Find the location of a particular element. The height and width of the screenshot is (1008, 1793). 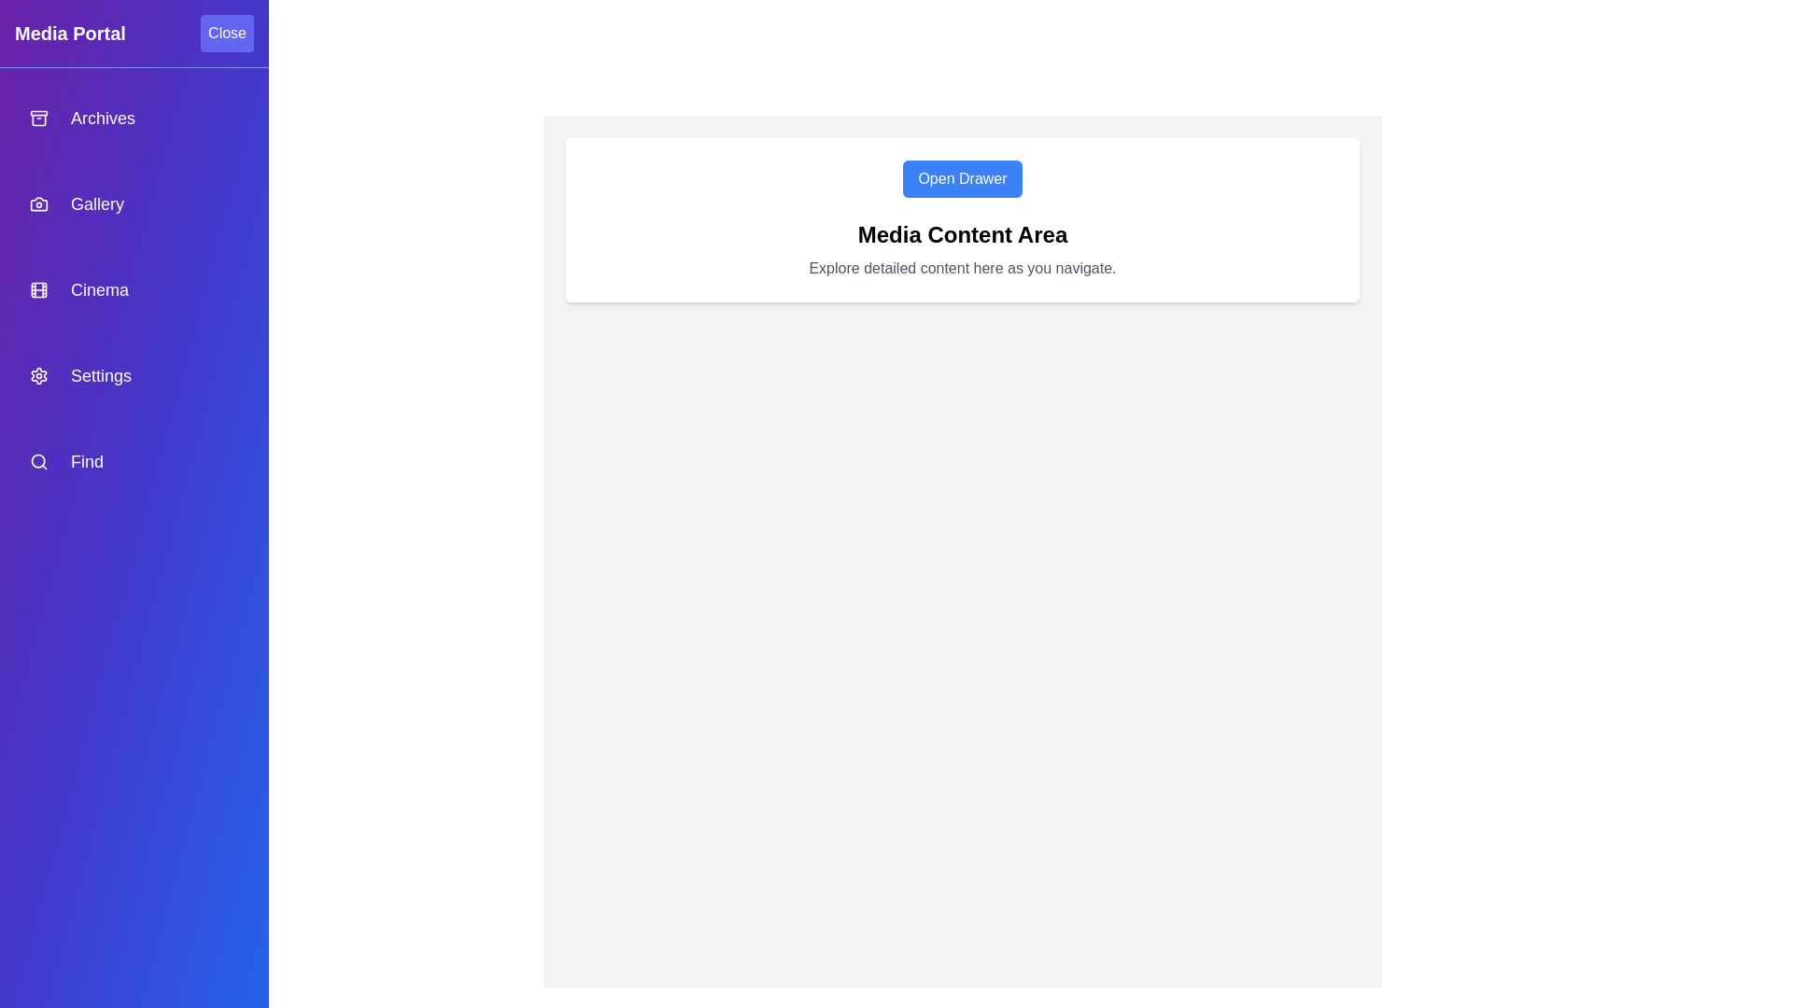

the navigation item Find is located at coordinates (134, 461).